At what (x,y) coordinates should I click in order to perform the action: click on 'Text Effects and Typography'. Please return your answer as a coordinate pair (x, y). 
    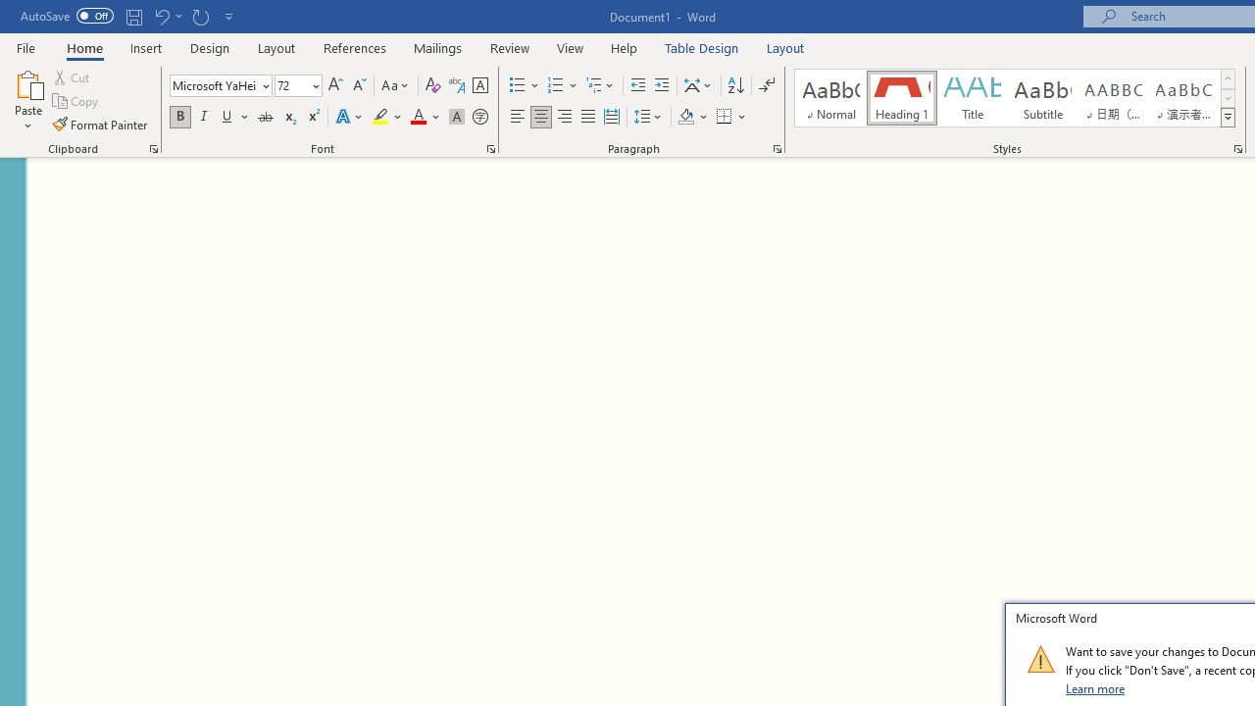
    Looking at the image, I should click on (350, 117).